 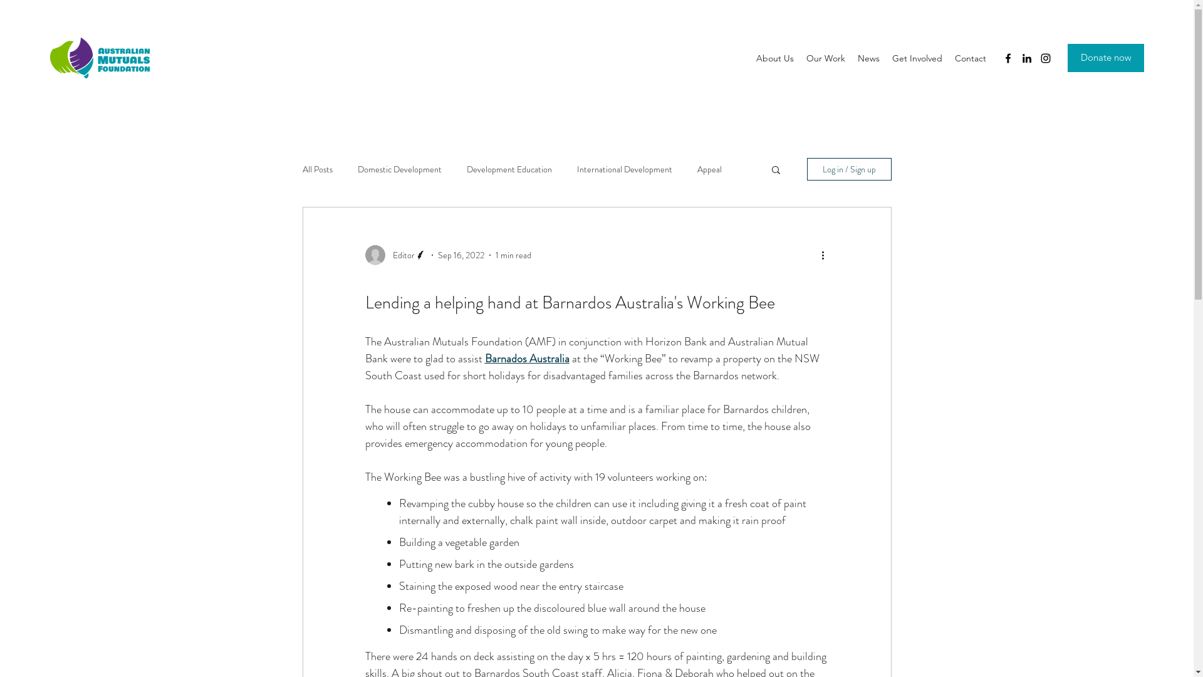 What do you see at coordinates (709, 169) in the screenshot?
I see `'Appeal'` at bounding box center [709, 169].